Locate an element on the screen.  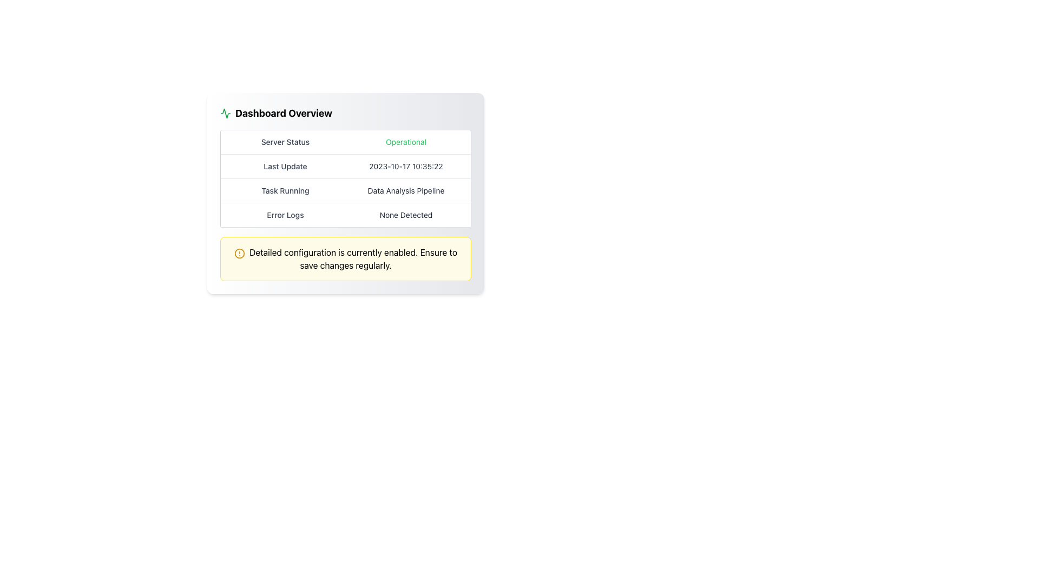
the non-interactive label text that represents the status or category for a task, located in the first column of a two-column row under the 'Dashboard Overview' heading is located at coordinates (285, 190).